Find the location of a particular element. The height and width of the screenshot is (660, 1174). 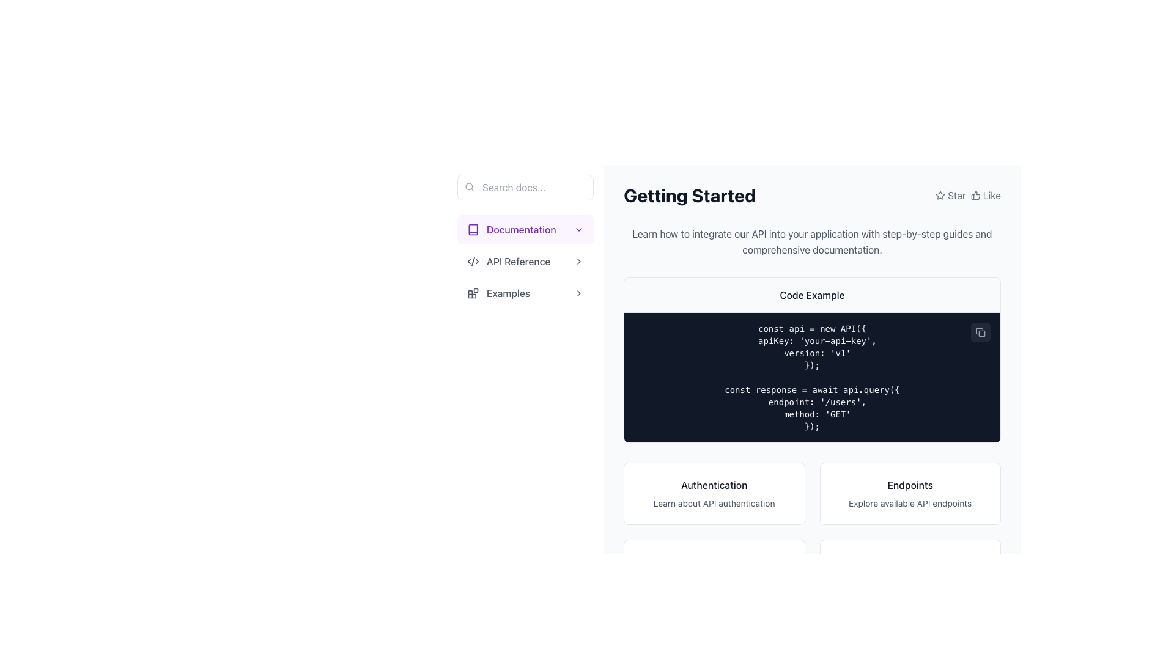

the chevron icon located to the right of the 'API Reference' text is located at coordinates (578, 261).